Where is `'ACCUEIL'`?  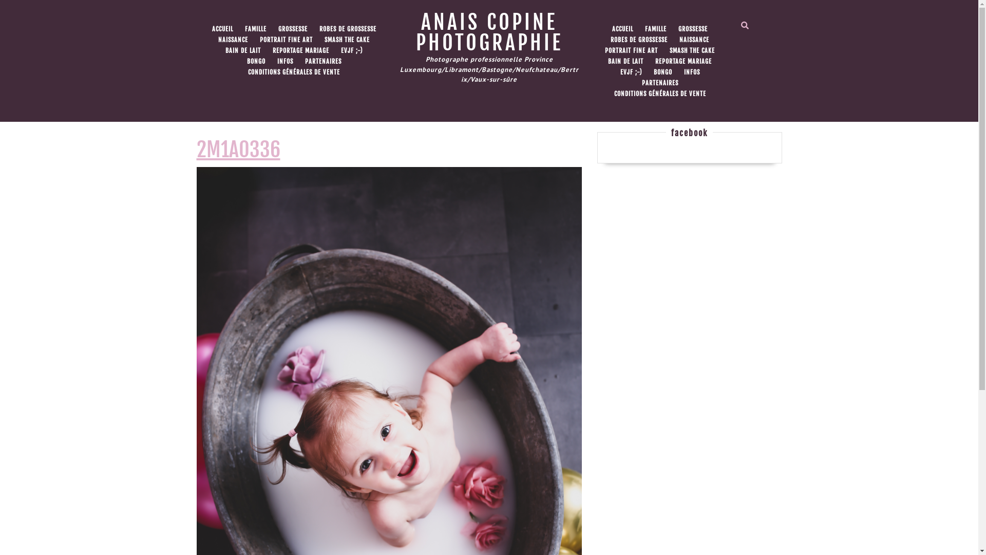 'ACCUEIL' is located at coordinates (221, 29).